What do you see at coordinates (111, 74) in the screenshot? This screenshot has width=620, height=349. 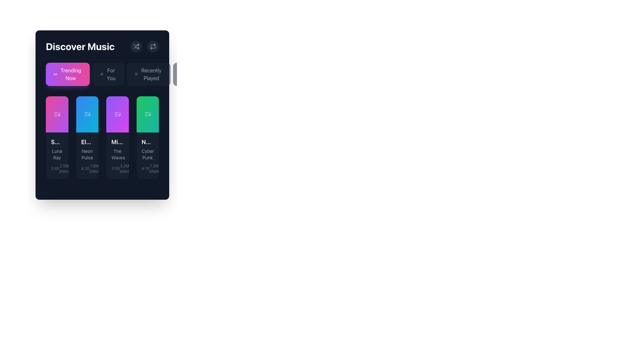 I see `the 'For You' navigational button which allows access to personalized content` at bounding box center [111, 74].